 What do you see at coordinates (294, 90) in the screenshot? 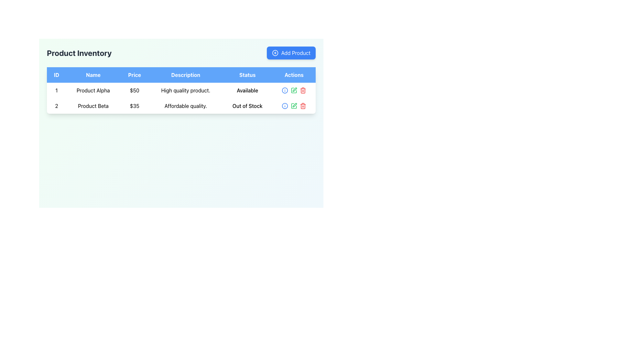
I see `the green icon button with a pen symbol in the Actions column of the second row` at bounding box center [294, 90].